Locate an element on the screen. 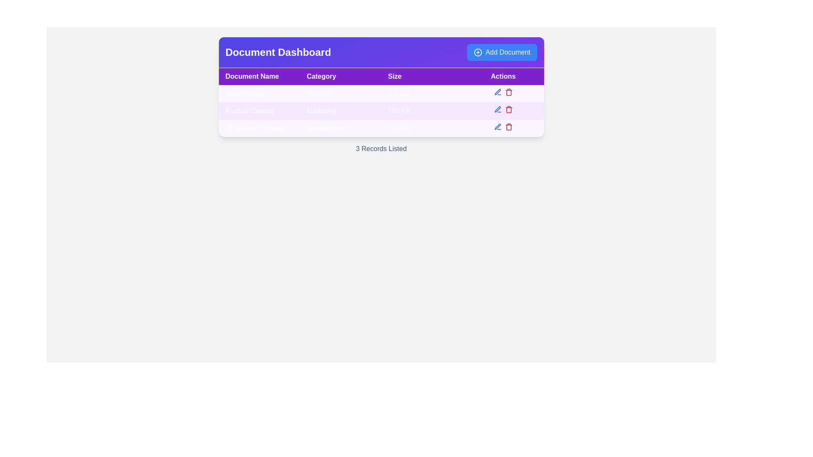 The image size is (813, 457). the second row of the Document Dashboard table that displays information about the 'Product Catalog', which is categorized under 'Marketing' and has a size of '750 KB' is located at coordinates (381, 110).